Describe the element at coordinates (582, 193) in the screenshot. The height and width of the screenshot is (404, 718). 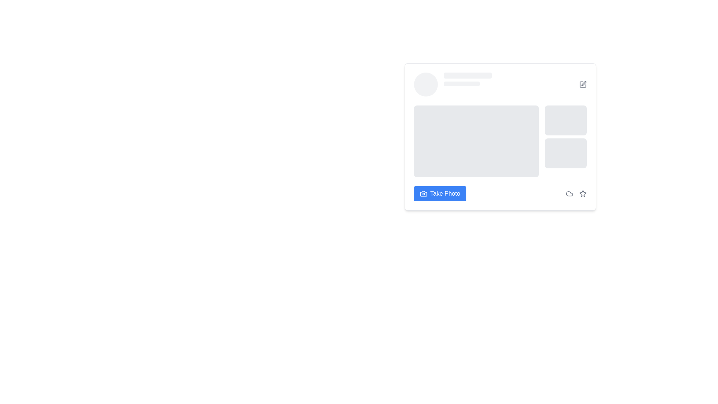
I see `the star button located at the bottom-right corner of the interface, which is used for actions such as rating or marking as important` at that location.